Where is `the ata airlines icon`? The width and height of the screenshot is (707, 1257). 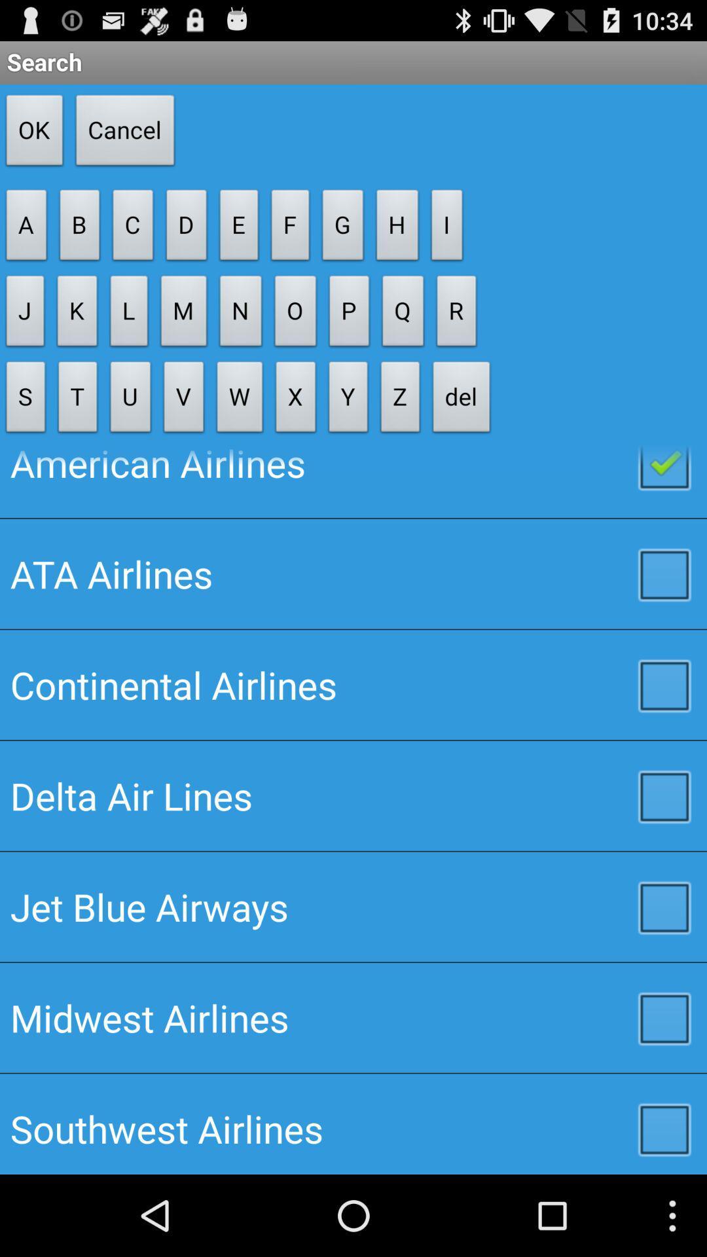
the ata airlines icon is located at coordinates (353, 574).